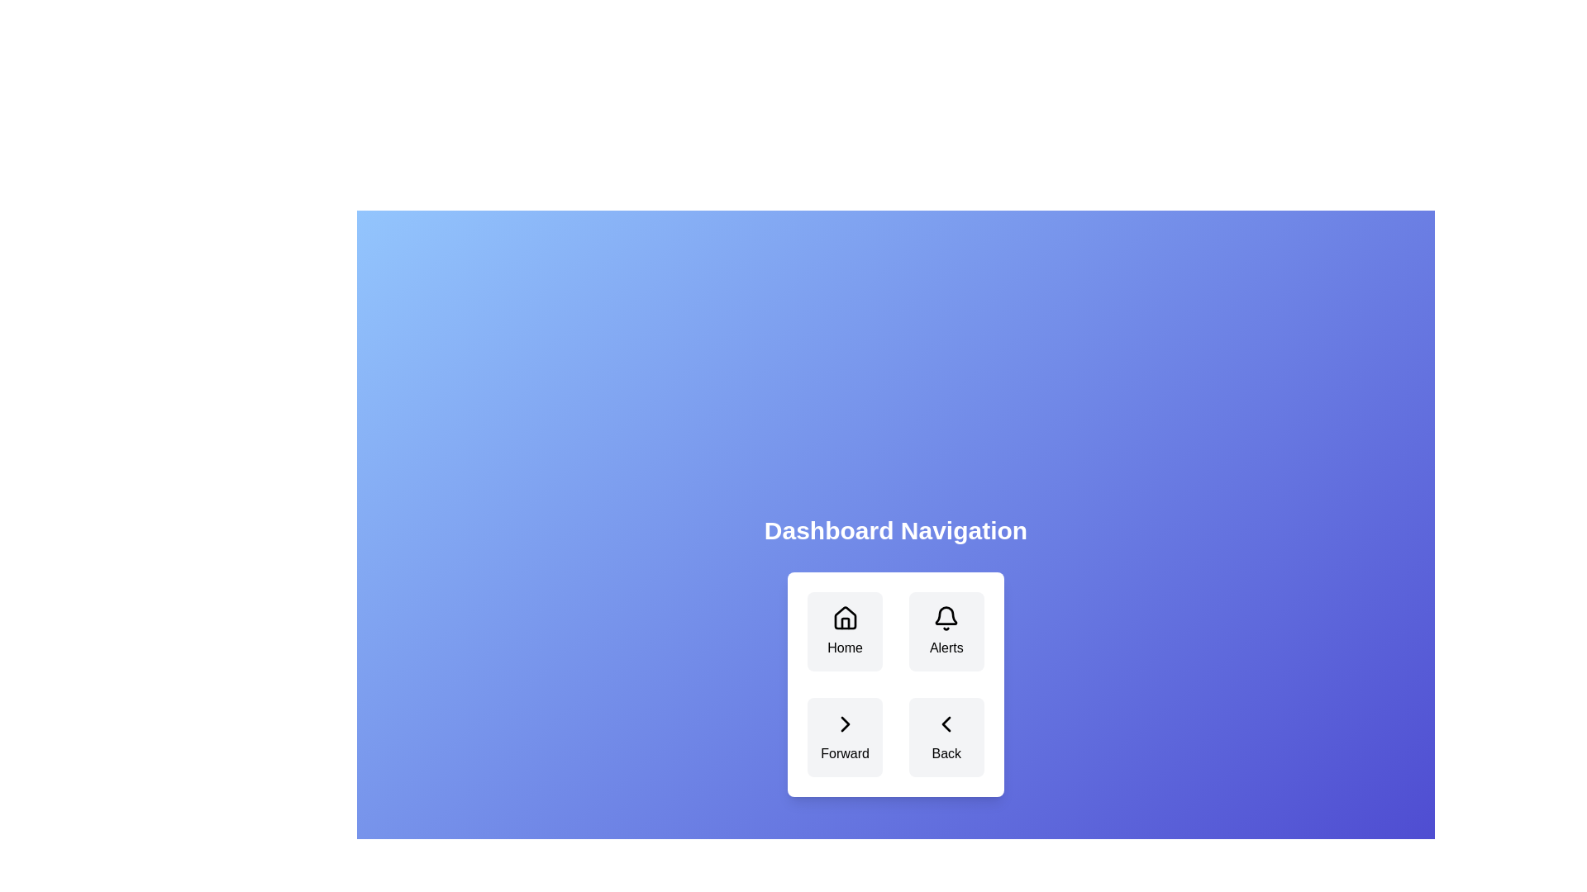  Describe the element at coordinates (946, 754) in the screenshot. I see `text label that describes the functionality of the associated chevron icon, indicating navigation 'Back'` at that location.